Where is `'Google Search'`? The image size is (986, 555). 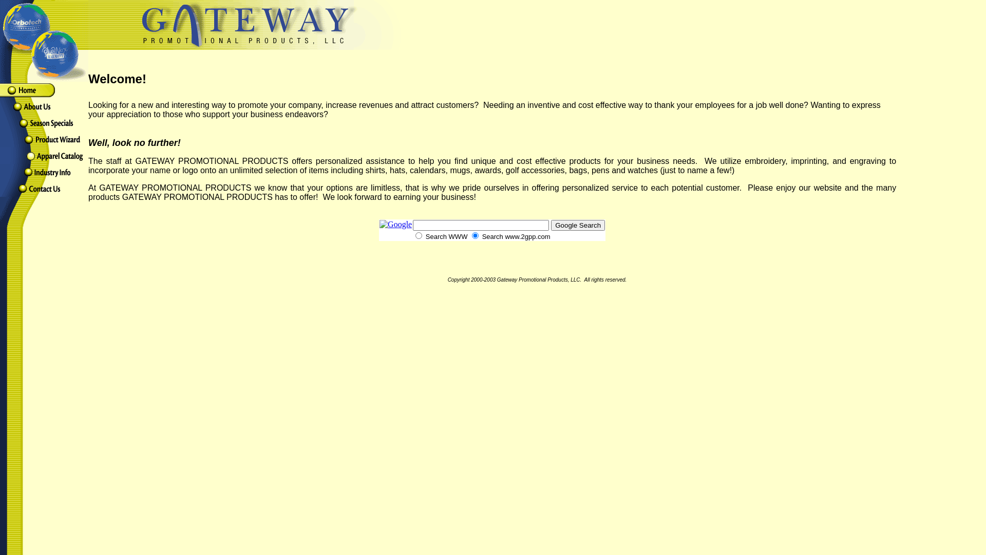 'Google Search' is located at coordinates (551, 225).